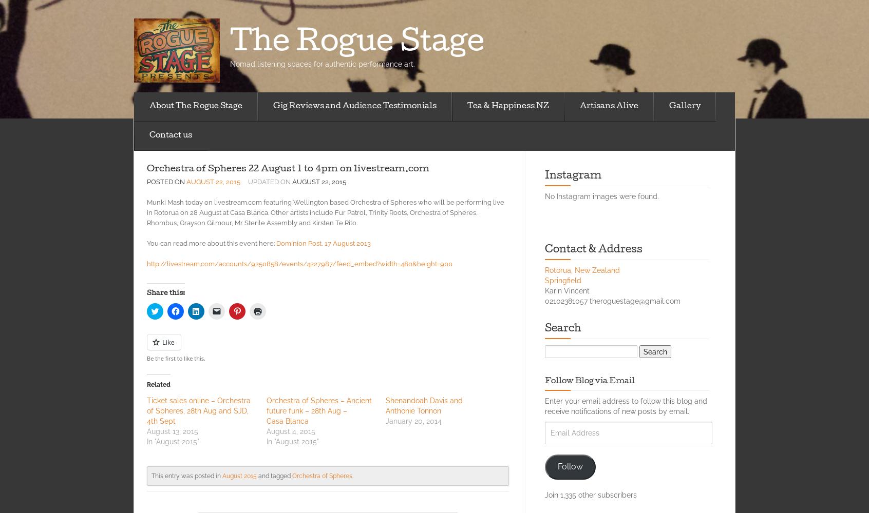 The image size is (869, 513). What do you see at coordinates (684, 106) in the screenshot?
I see `'Gallery'` at bounding box center [684, 106].